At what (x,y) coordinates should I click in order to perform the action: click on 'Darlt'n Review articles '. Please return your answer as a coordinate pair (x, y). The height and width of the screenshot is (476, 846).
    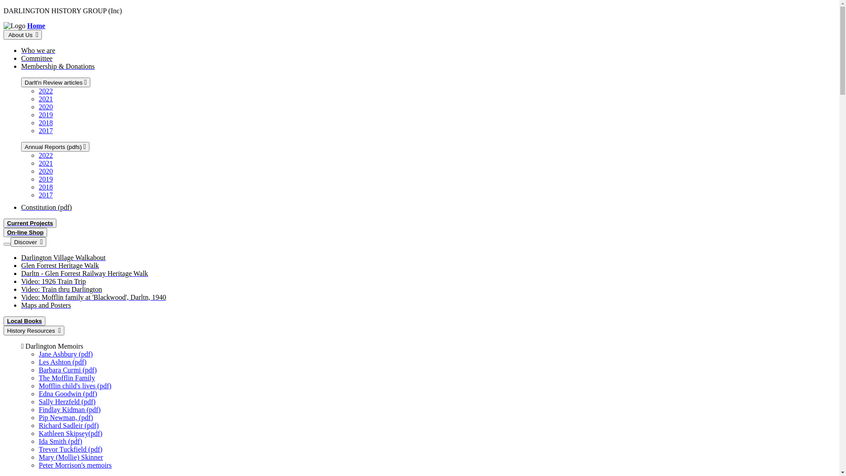
    Looking at the image, I should click on (55, 82).